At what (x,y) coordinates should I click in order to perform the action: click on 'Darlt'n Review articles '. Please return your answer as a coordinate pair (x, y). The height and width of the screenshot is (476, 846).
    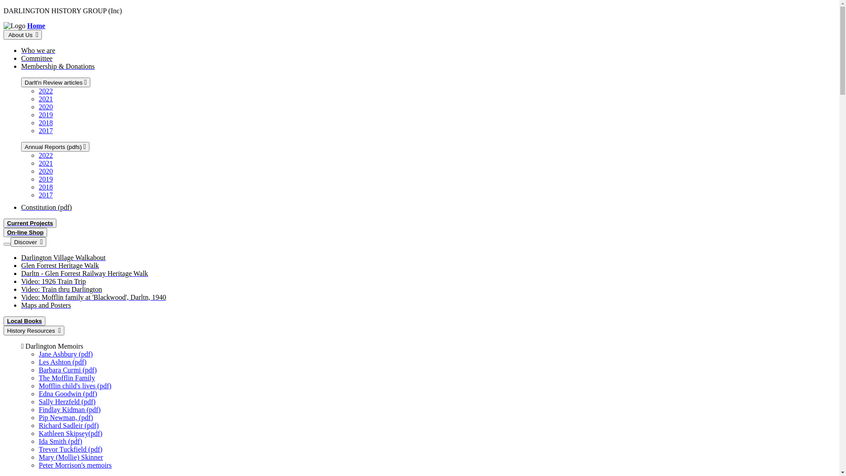
    Looking at the image, I should click on (55, 82).